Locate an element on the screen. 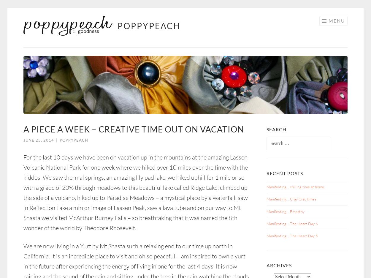 This screenshot has height=278, width=371. 'Recent Posts' is located at coordinates (267, 173).